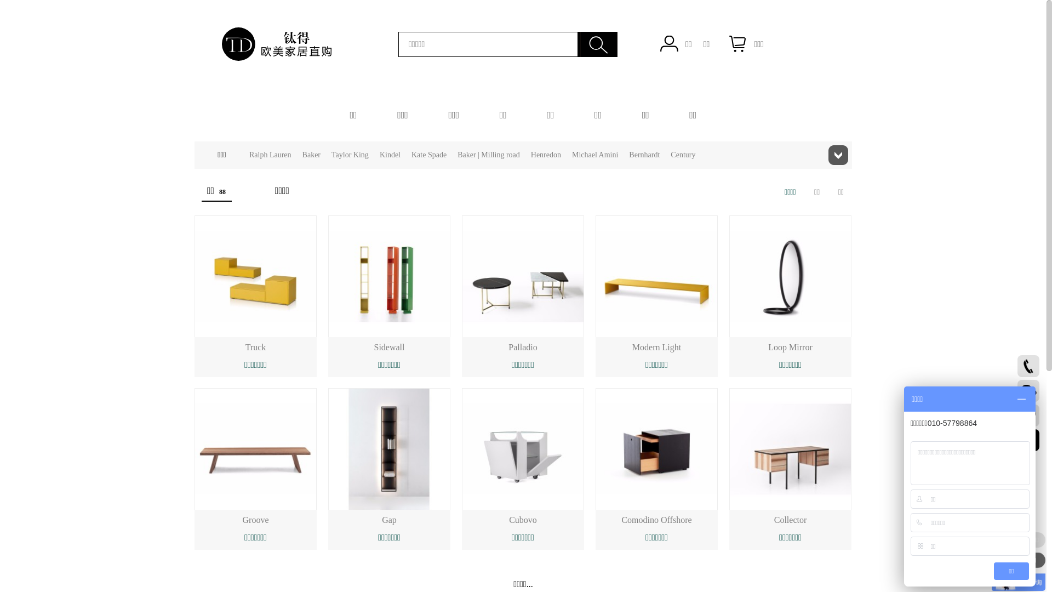 Image resolution: width=1052 pixels, height=592 pixels. I want to click on 'Ralph Lauren', so click(270, 155).